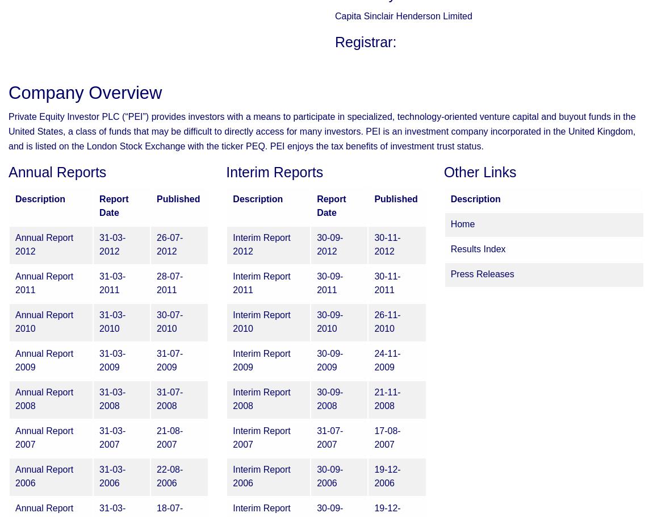 The image size is (653, 517). Describe the element at coordinates (170, 360) in the screenshot. I see `'31-07-2009'` at that location.